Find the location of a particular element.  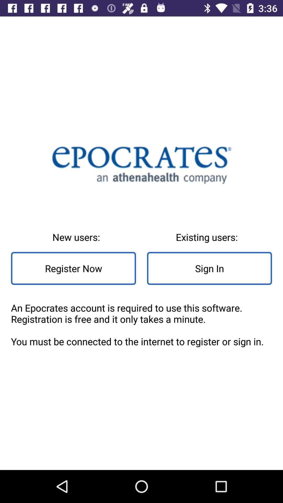

register now icon is located at coordinates (73, 268).